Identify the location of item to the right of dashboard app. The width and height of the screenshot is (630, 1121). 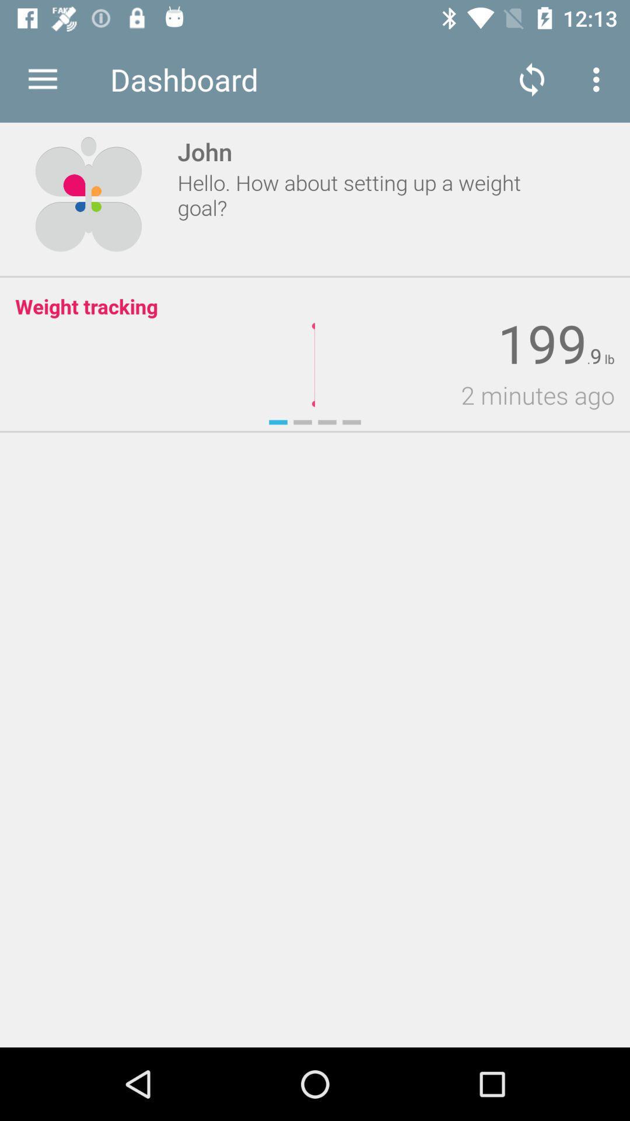
(531, 79).